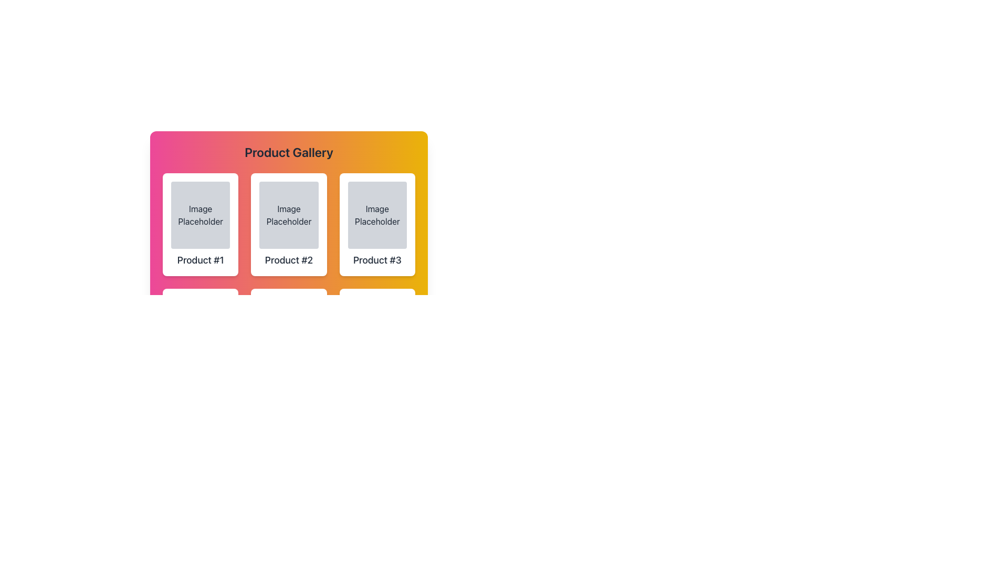 This screenshot has height=567, width=1008. Describe the element at coordinates (377, 214) in the screenshot. I see `the non-interactive Image Placeholder representing 'Product #3' located in the third column of the 'Product Gallery'` at that location.